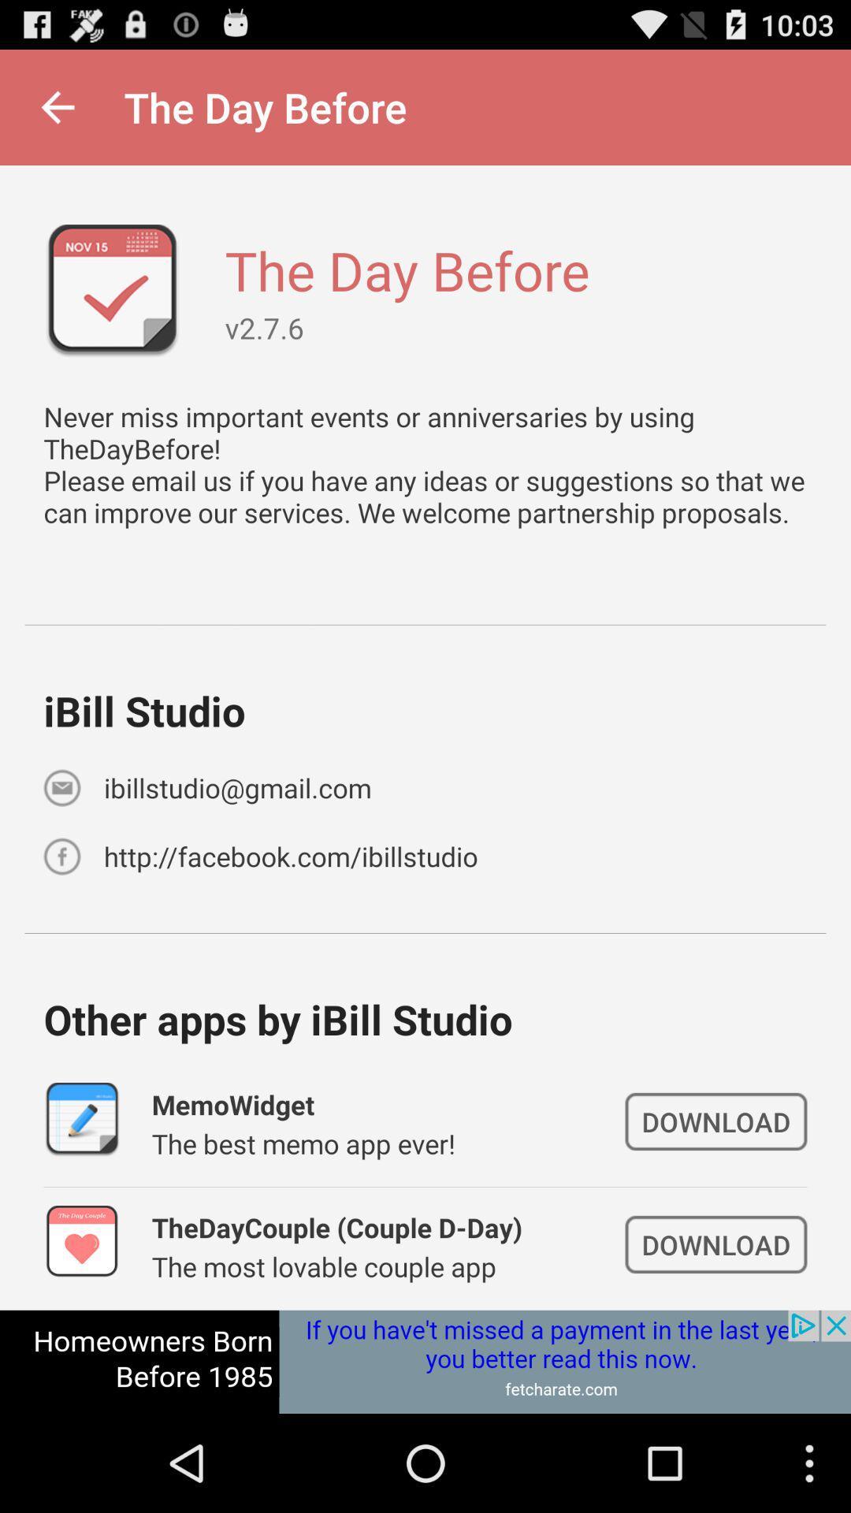  I want to click on open webpage of displayed advertisement, so click(425, 1361).